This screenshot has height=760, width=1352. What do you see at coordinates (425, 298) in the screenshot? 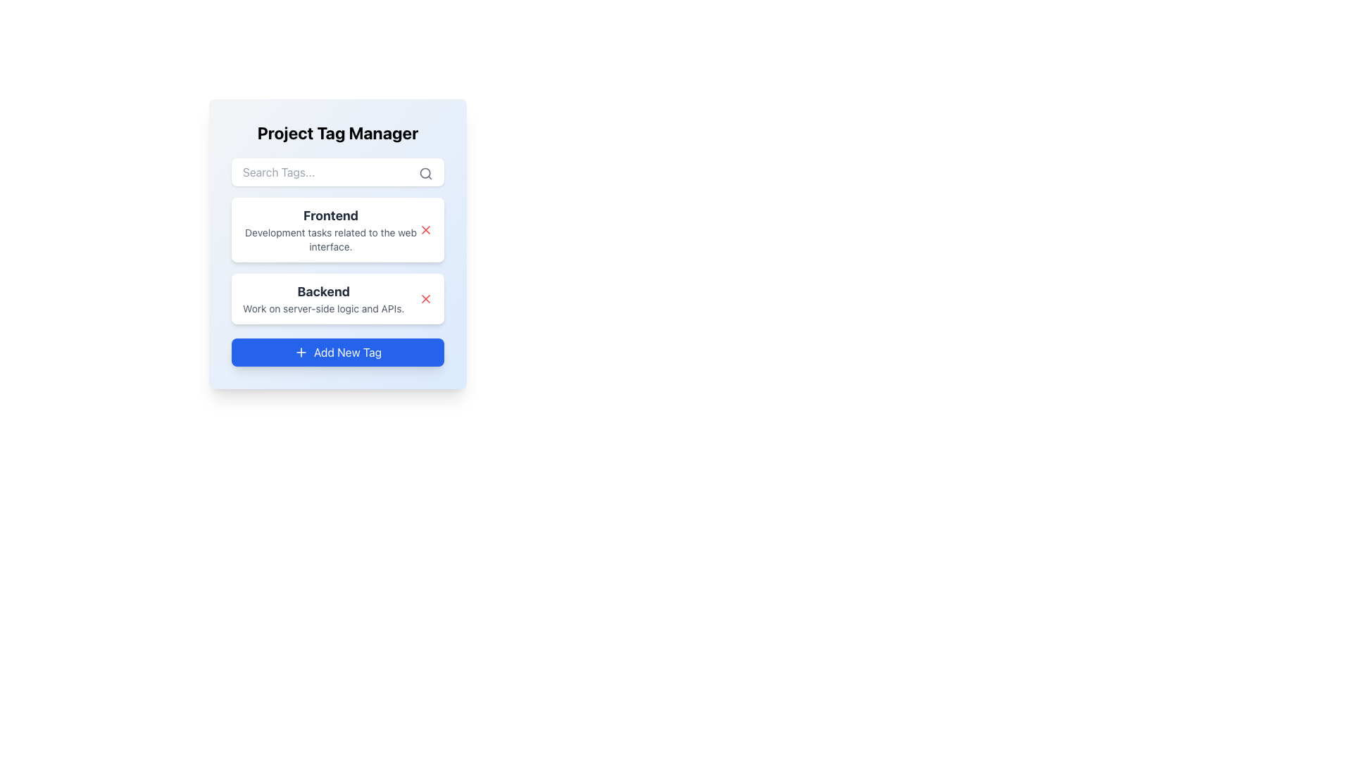
I see `the dismiss icon button located at the far right of the 'Backend' card, next to the text 'Work on server-side logic and APIs.'` at bounding box center [425, 298].